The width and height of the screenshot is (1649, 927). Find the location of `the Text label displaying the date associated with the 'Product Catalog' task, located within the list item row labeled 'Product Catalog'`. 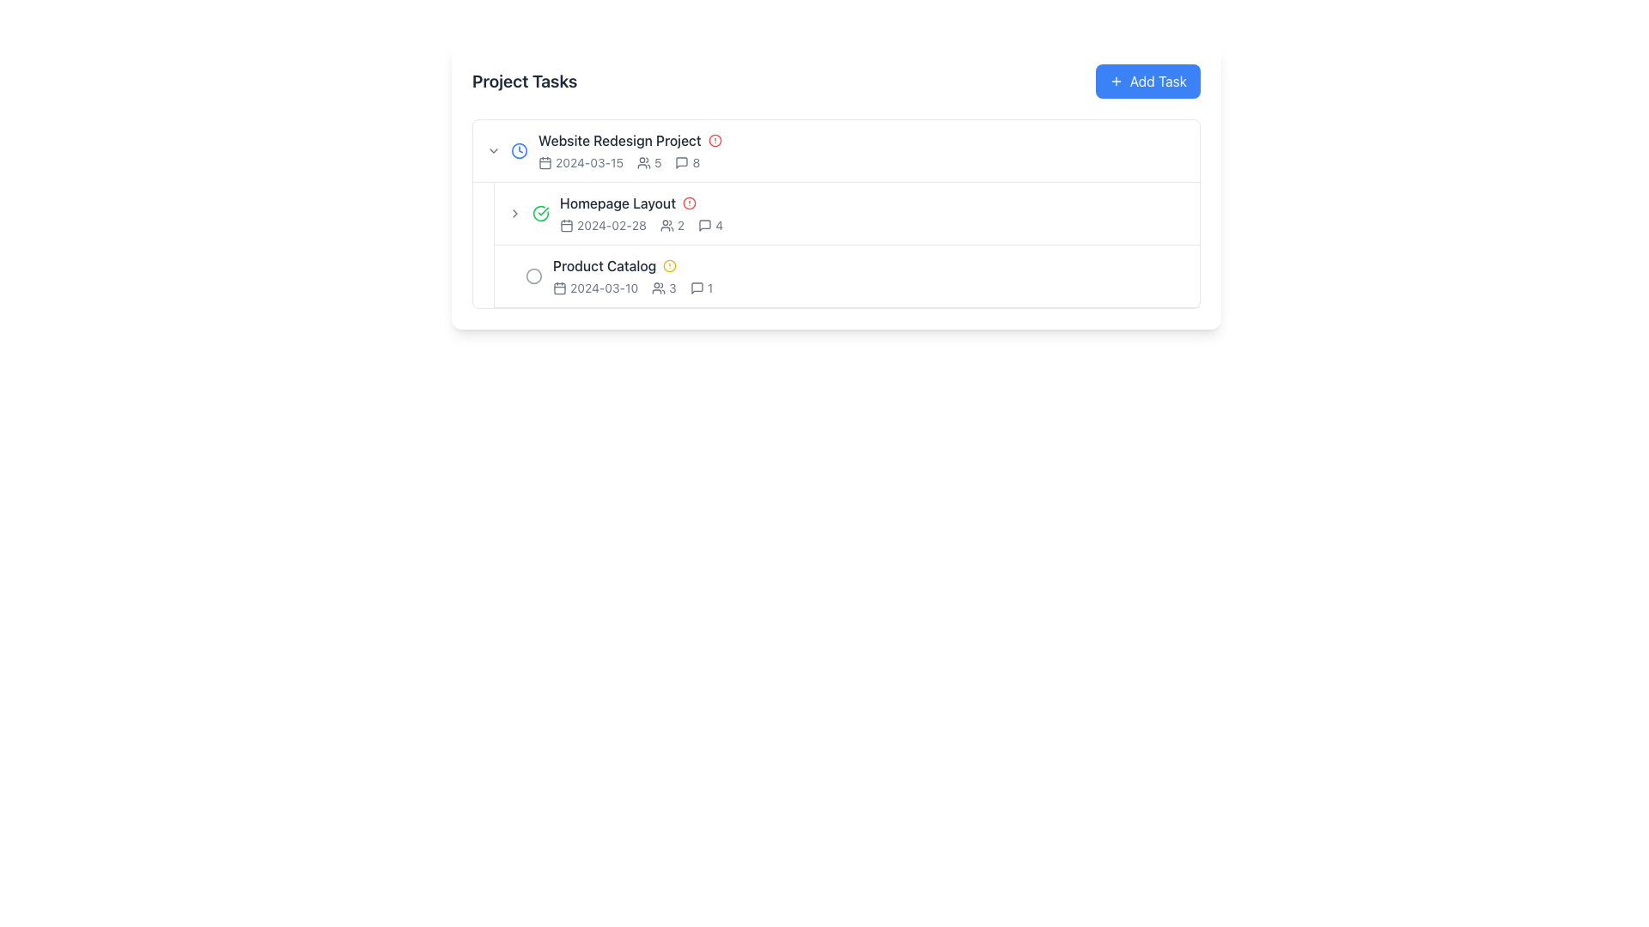

the Text label displaying the date associated with the 'Product Catalog' task, located within the list item row labeled 'Product Catalog' is located at coordinates (595, 287).